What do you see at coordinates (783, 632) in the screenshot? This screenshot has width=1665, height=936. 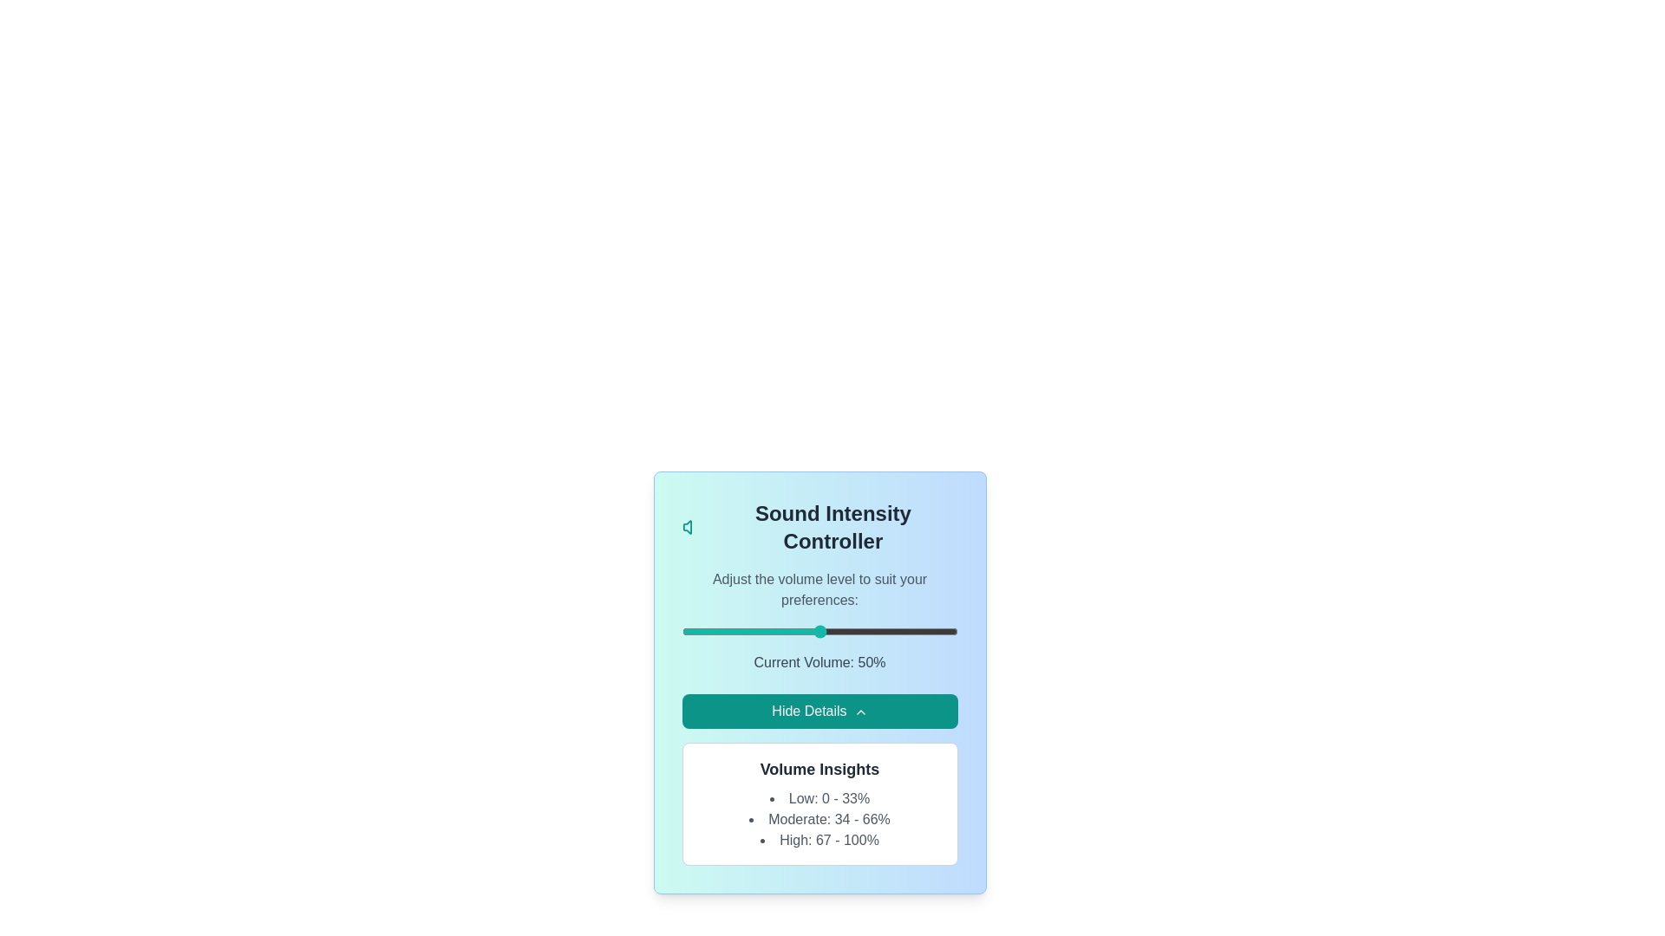 I see `the volume slider to set the audio intensity to 37%` at bounding box center [783, 632].